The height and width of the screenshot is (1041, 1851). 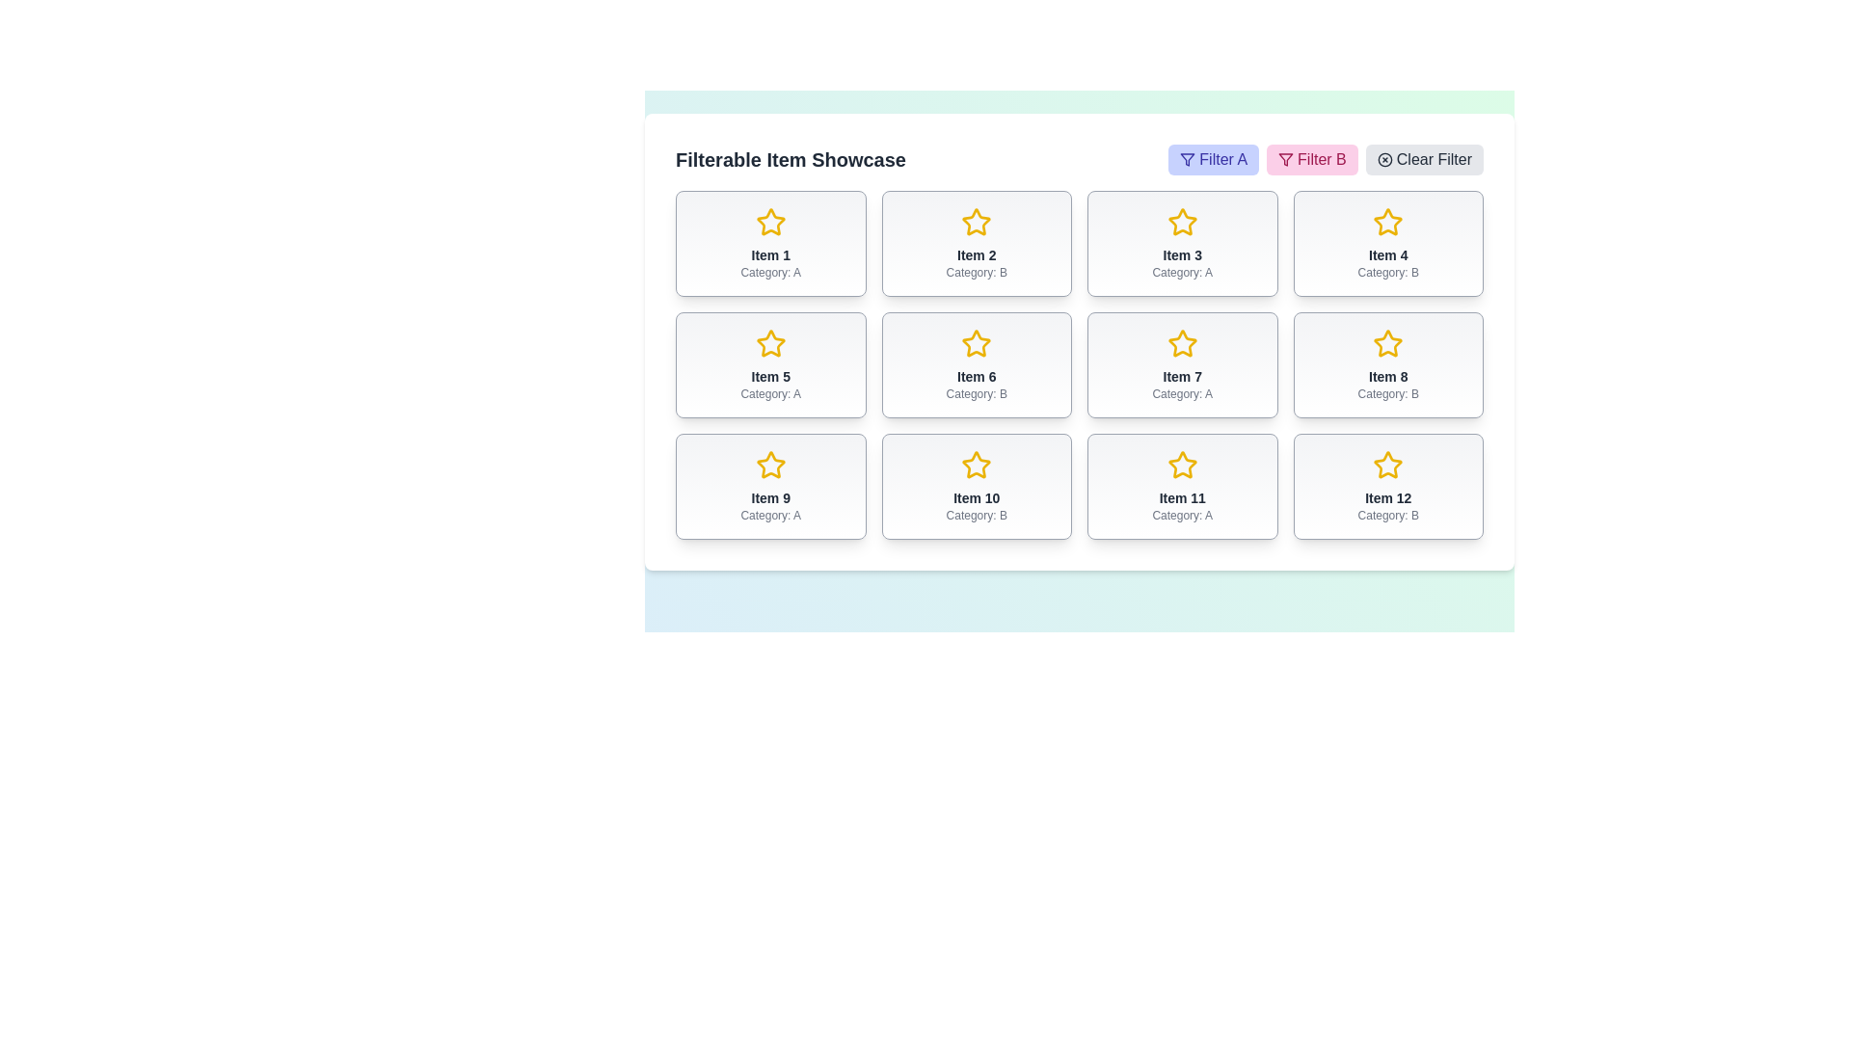 What do you see at coordinates (1388, 343) in the screenshot?
I see `the star SVG icon located at the top of the card labeled 'Item 8\nCategory: B', which is the fourth card in the second row of the grid layout, to rate it` at bounding box center [1388, 343].